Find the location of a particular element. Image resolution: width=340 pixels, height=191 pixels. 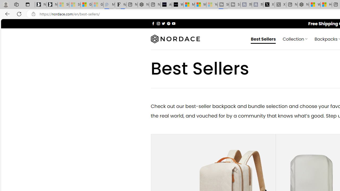

'Wildlife - MSN' is located at coordinates (314, 5).